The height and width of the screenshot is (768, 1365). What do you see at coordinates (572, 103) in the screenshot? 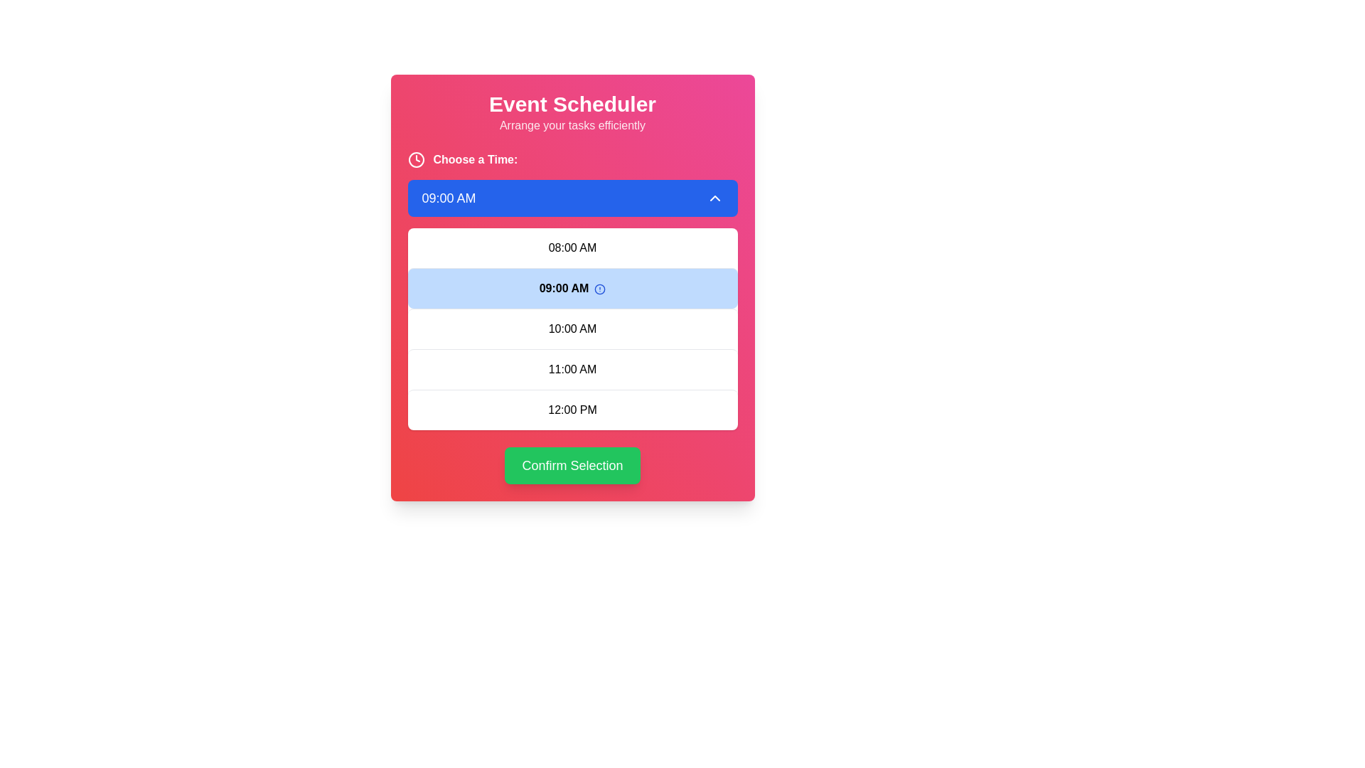
I see `the main title text label, which is centrally aligned at the top of the interface and indicates the purpose of the application or section` at bounding box center [572, 103].